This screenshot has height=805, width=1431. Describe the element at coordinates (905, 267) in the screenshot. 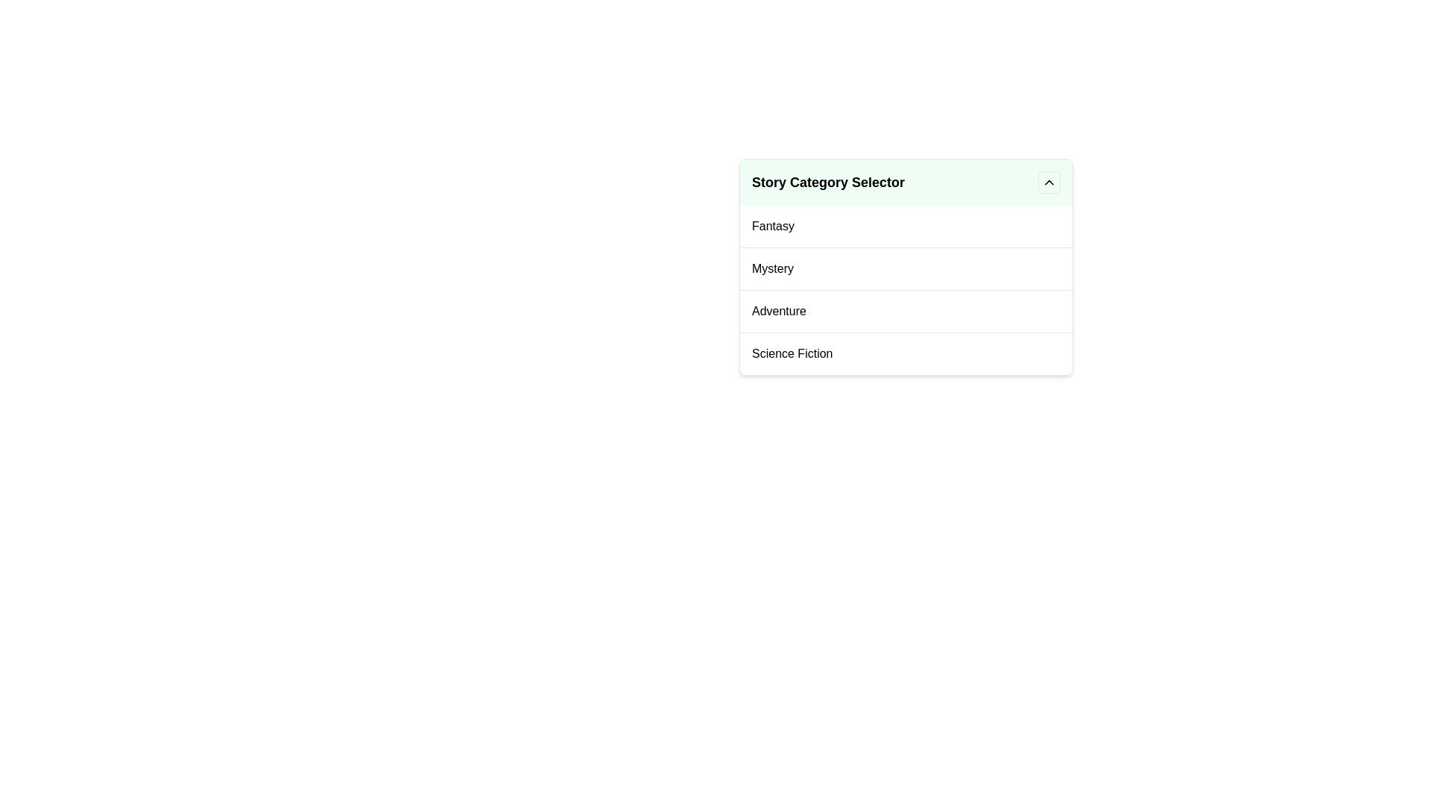

I see `the 'Mystery' category button in the selectable list under 'Story Category Selector'` at that location.